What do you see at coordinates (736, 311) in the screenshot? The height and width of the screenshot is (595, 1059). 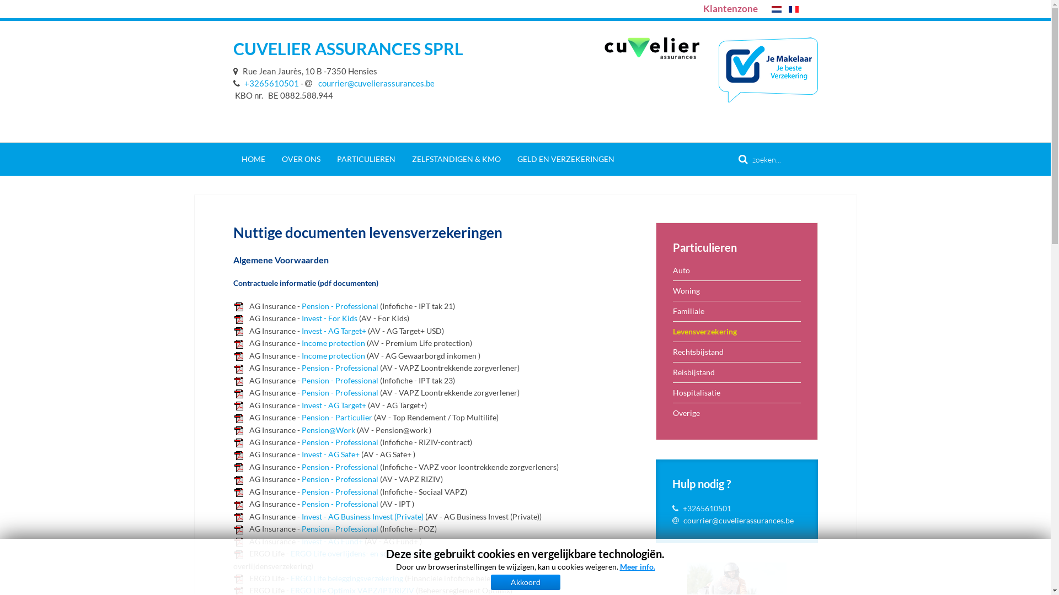 I see `'Familiale'` at bounding box center [736, 311].